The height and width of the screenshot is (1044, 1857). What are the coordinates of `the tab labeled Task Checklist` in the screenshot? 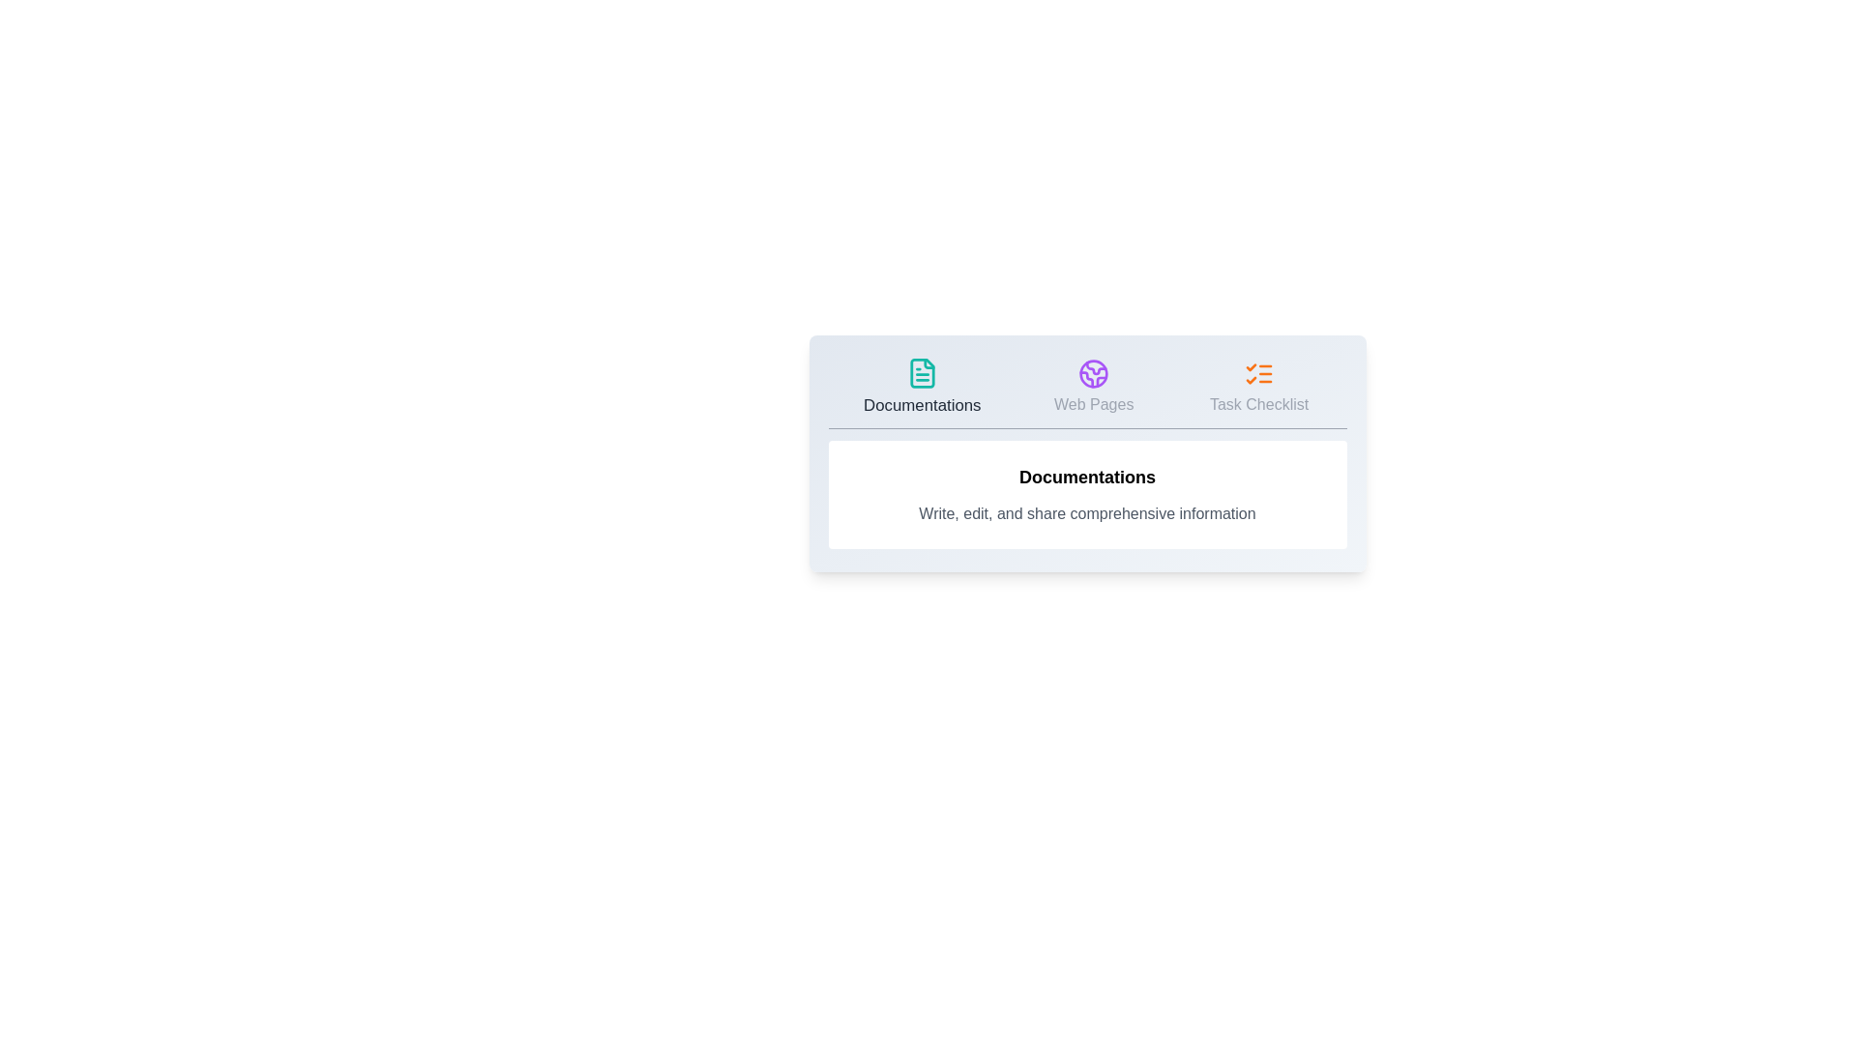 It's located at (1259, 388).